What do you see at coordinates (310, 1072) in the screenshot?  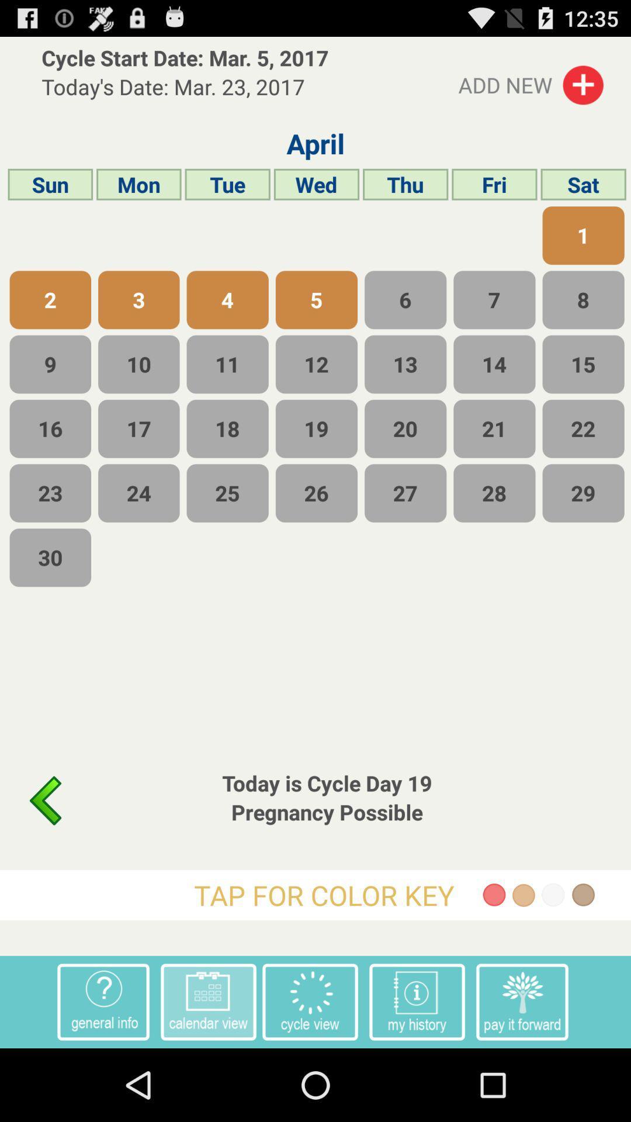 I see `the settings icon` at bounding box center [310, 1072].